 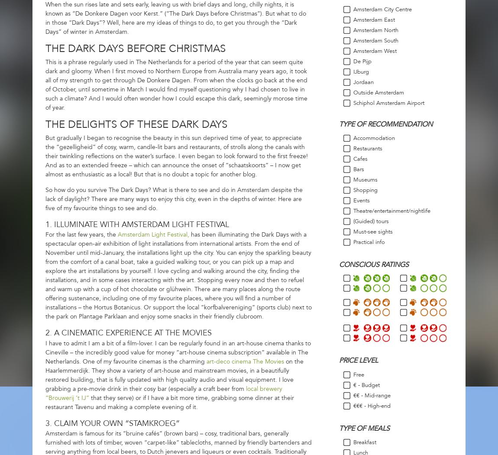 What do you see at coordinates (178, 351) in the screenshot?
I see `'I have to admit I am a bit of a film-lover. I can be regularly found in an art-house cinema thanks to Cineville – the incredibly good value for money “art-house cinema subscription” available in The Netherlands. One of my favourite cinemas is the charming'` at bounding box center [178, 351].